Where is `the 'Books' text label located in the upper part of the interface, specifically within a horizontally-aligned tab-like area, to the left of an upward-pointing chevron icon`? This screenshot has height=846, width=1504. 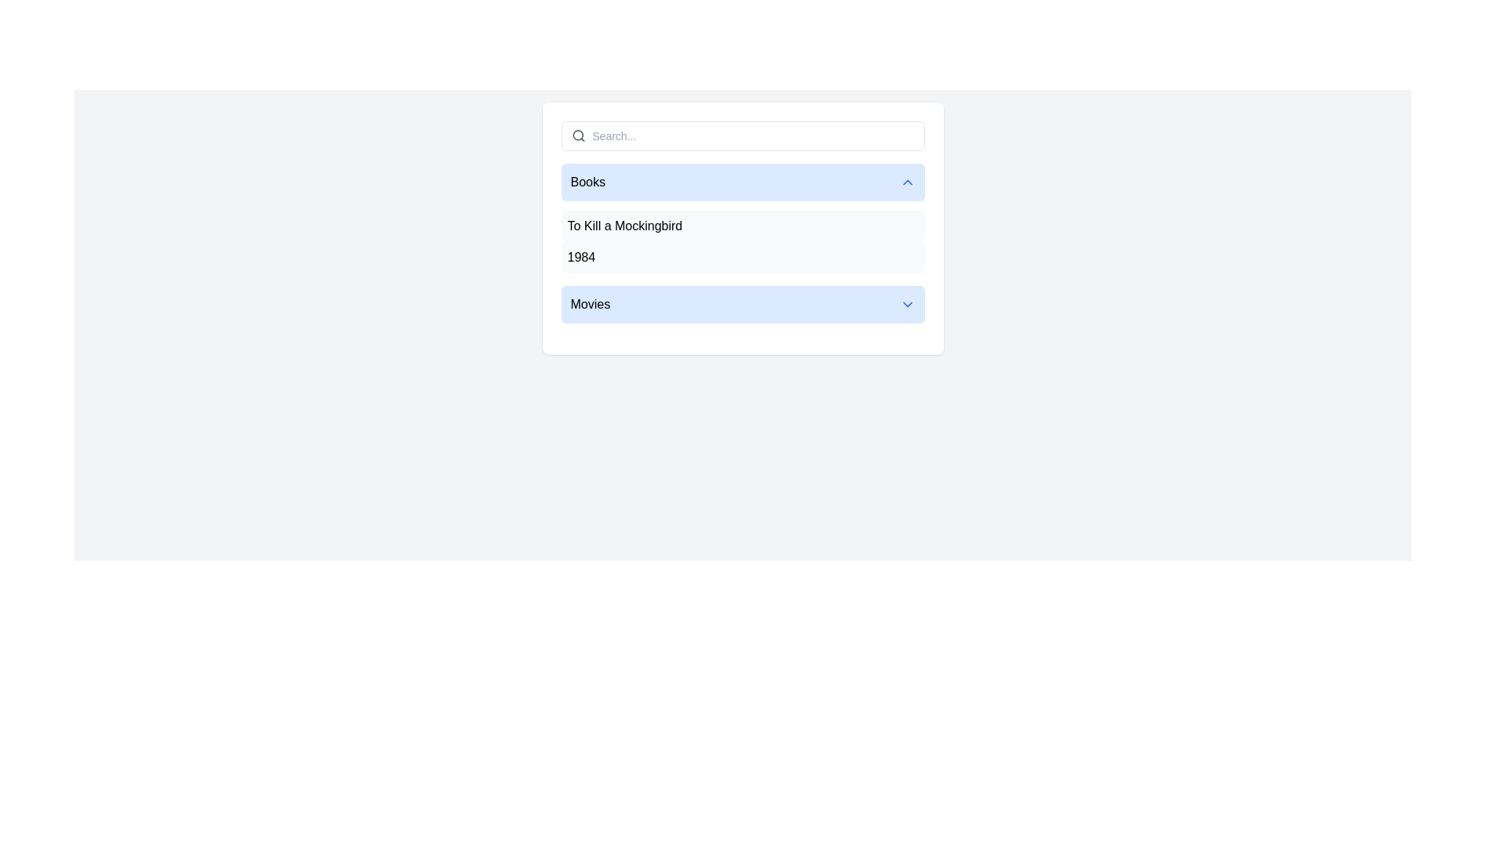 the 'Books' text label located in the upper part of the interface, specifically within a horizontally-aligned tab-like area, to the left of an upward-pointing chevron icon is located at coordinates (587, 181).